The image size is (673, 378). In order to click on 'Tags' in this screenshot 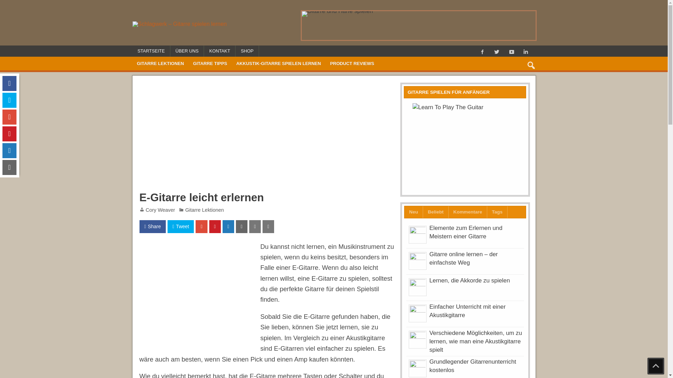, I will do `click(497, 211)`.